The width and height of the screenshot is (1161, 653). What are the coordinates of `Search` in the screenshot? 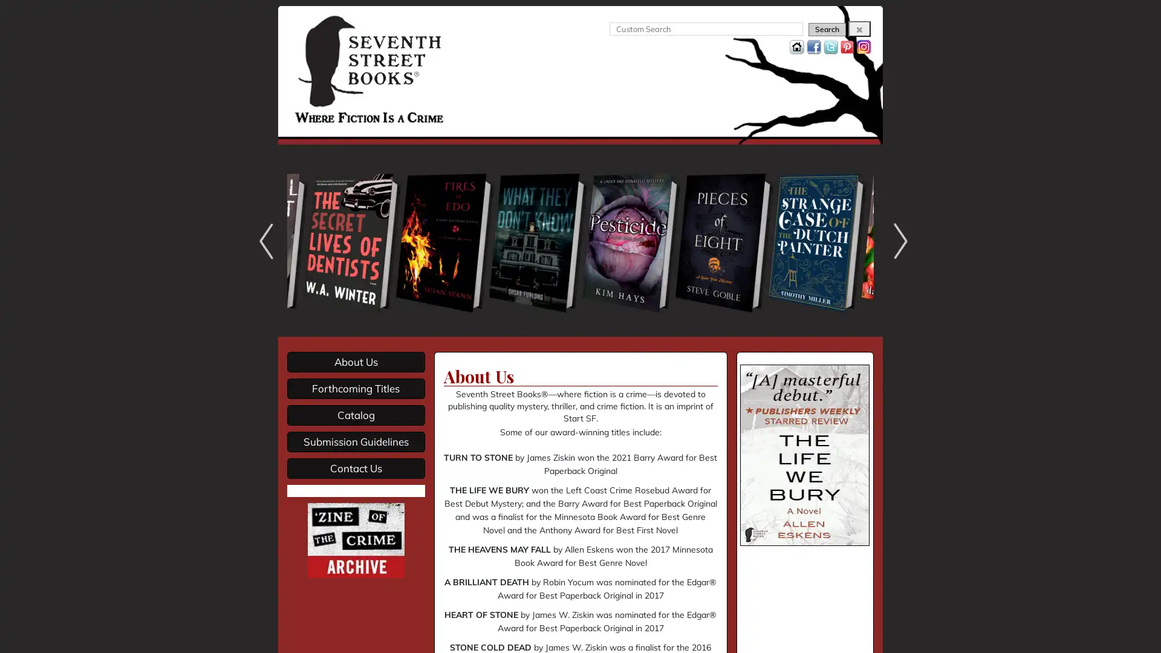 It's located at (827, 29).